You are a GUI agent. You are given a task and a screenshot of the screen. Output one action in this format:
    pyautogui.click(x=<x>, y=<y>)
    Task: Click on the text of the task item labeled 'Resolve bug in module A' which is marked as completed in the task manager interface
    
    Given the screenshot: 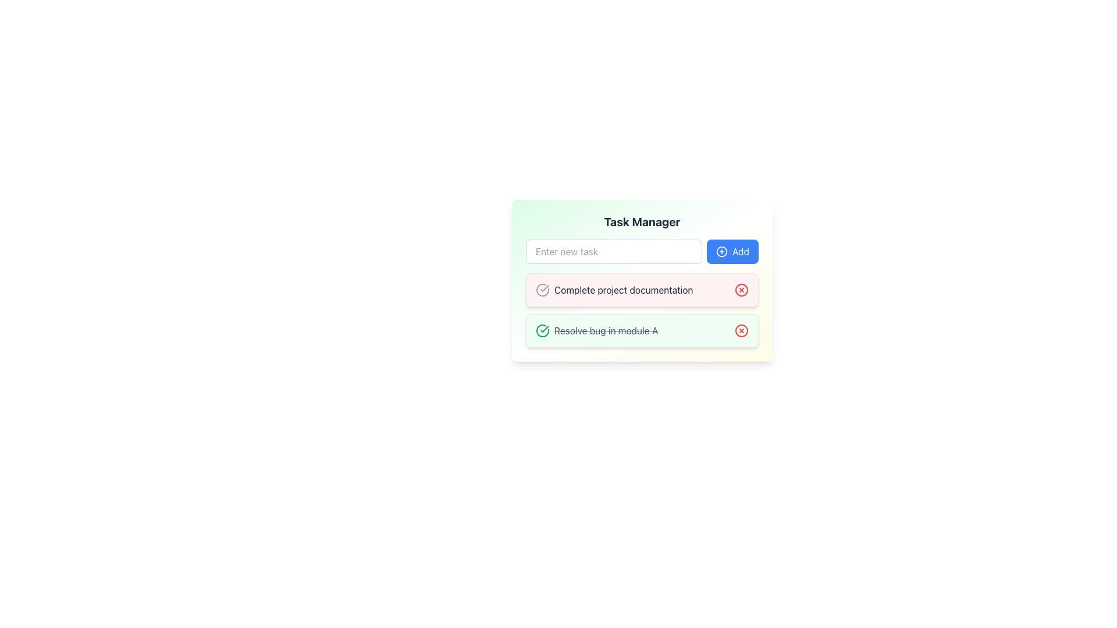 What is the action you would take?
    pyautogui.click(x=597, y=331)
    